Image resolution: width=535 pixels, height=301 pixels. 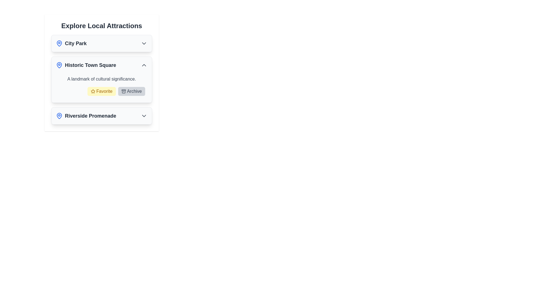 I want to click on the list item labeled 'Riverside Promenade', which features a blue map pin icon on the left and a gray downward chevron icon on the right, located under 'Explore Local Attractions', so click(x=101, y=116).